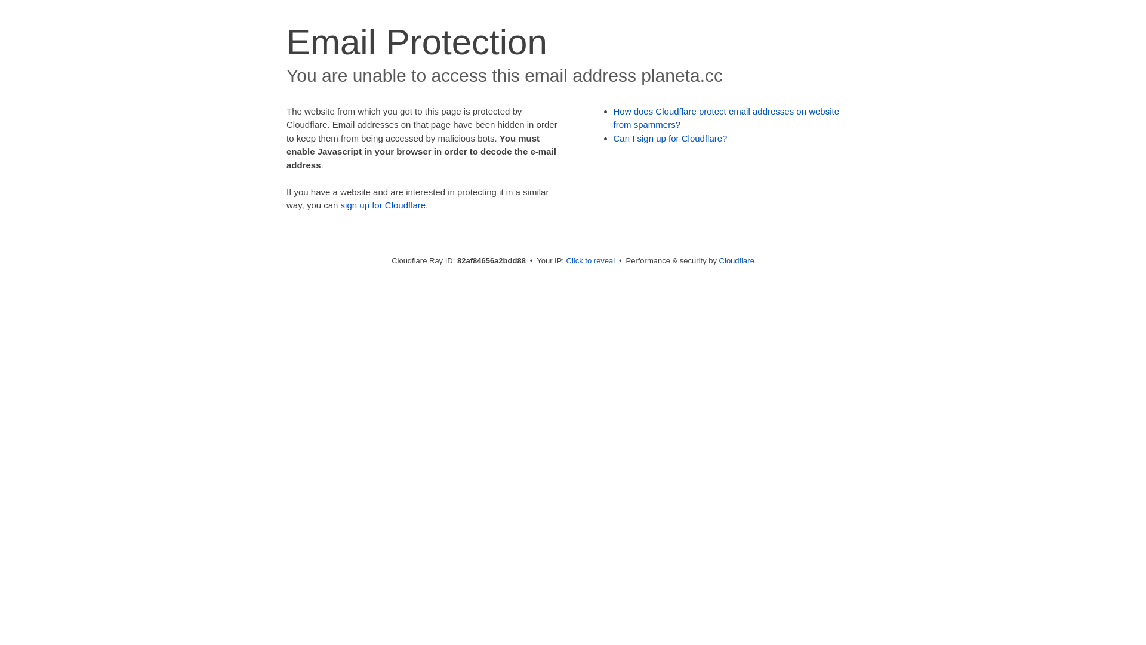  What do you see at coordinates (670, 137) in the screenshot?
I see `'Can I sign up for Cloudflare?'` at bounding box center [670, 137].